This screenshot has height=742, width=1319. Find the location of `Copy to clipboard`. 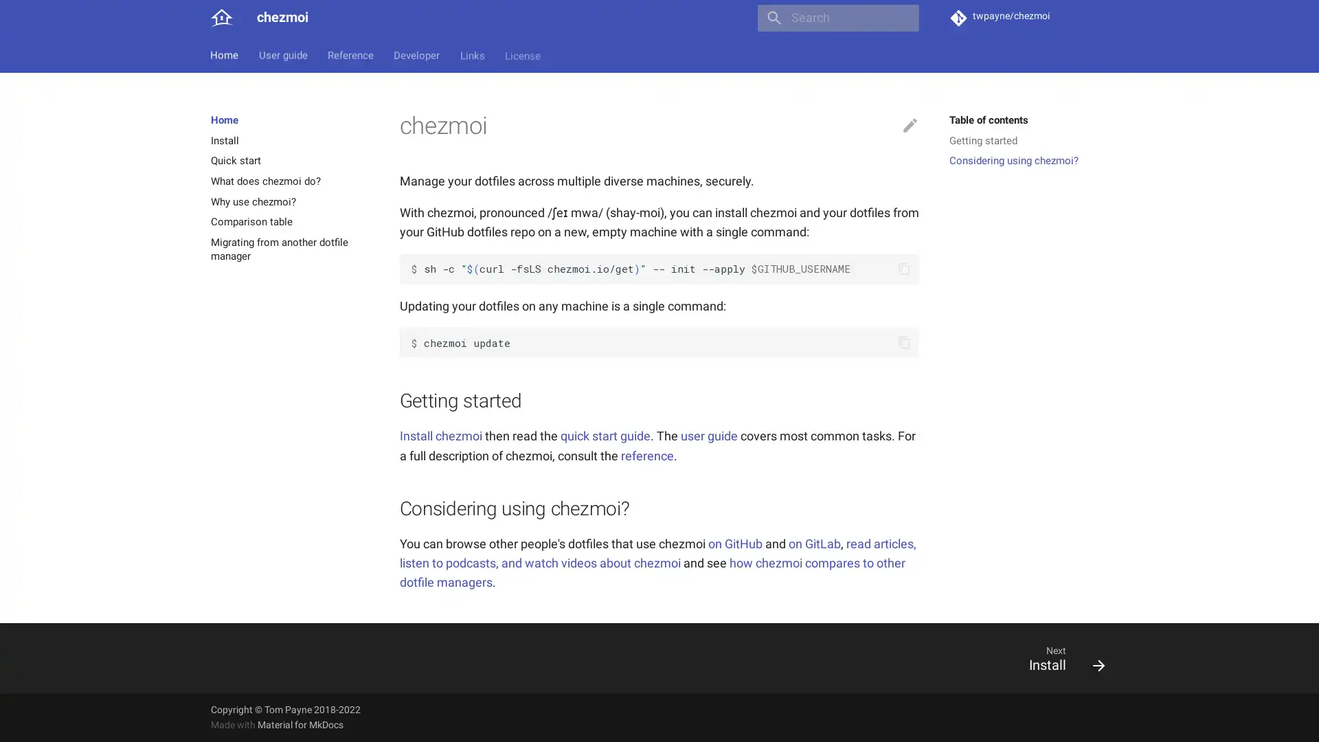

Copy to clipboard is located at coordinates (903, 341).